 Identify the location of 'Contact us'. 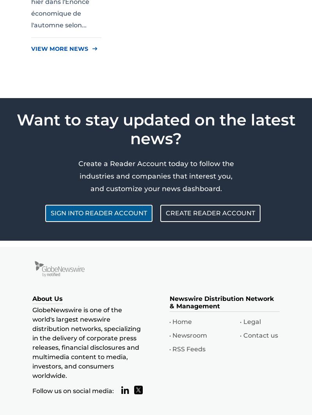
(260, 335).